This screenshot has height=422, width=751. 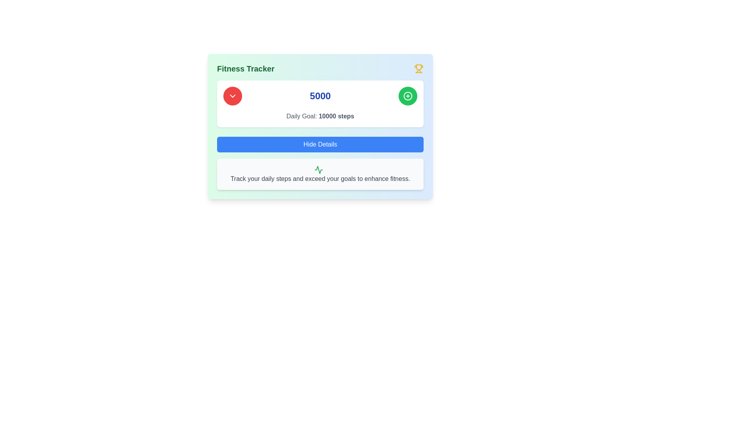 I want to click on the leftmost button in the horizontal row, so click(x=232, y=96).